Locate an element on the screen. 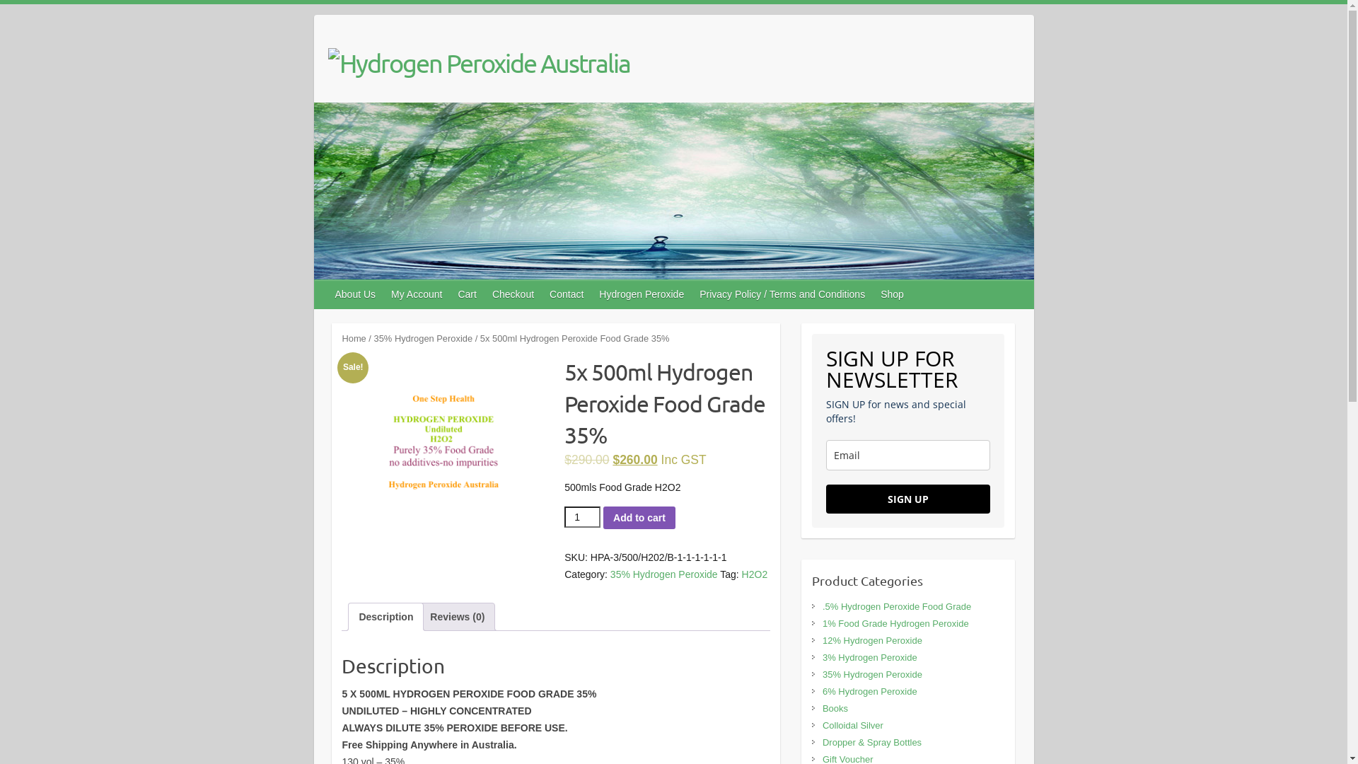 Image resolution: width=1358 pixels, height=764 pixels. '3% Hydrogen Peroxide' is located at coordinates (869, 657).